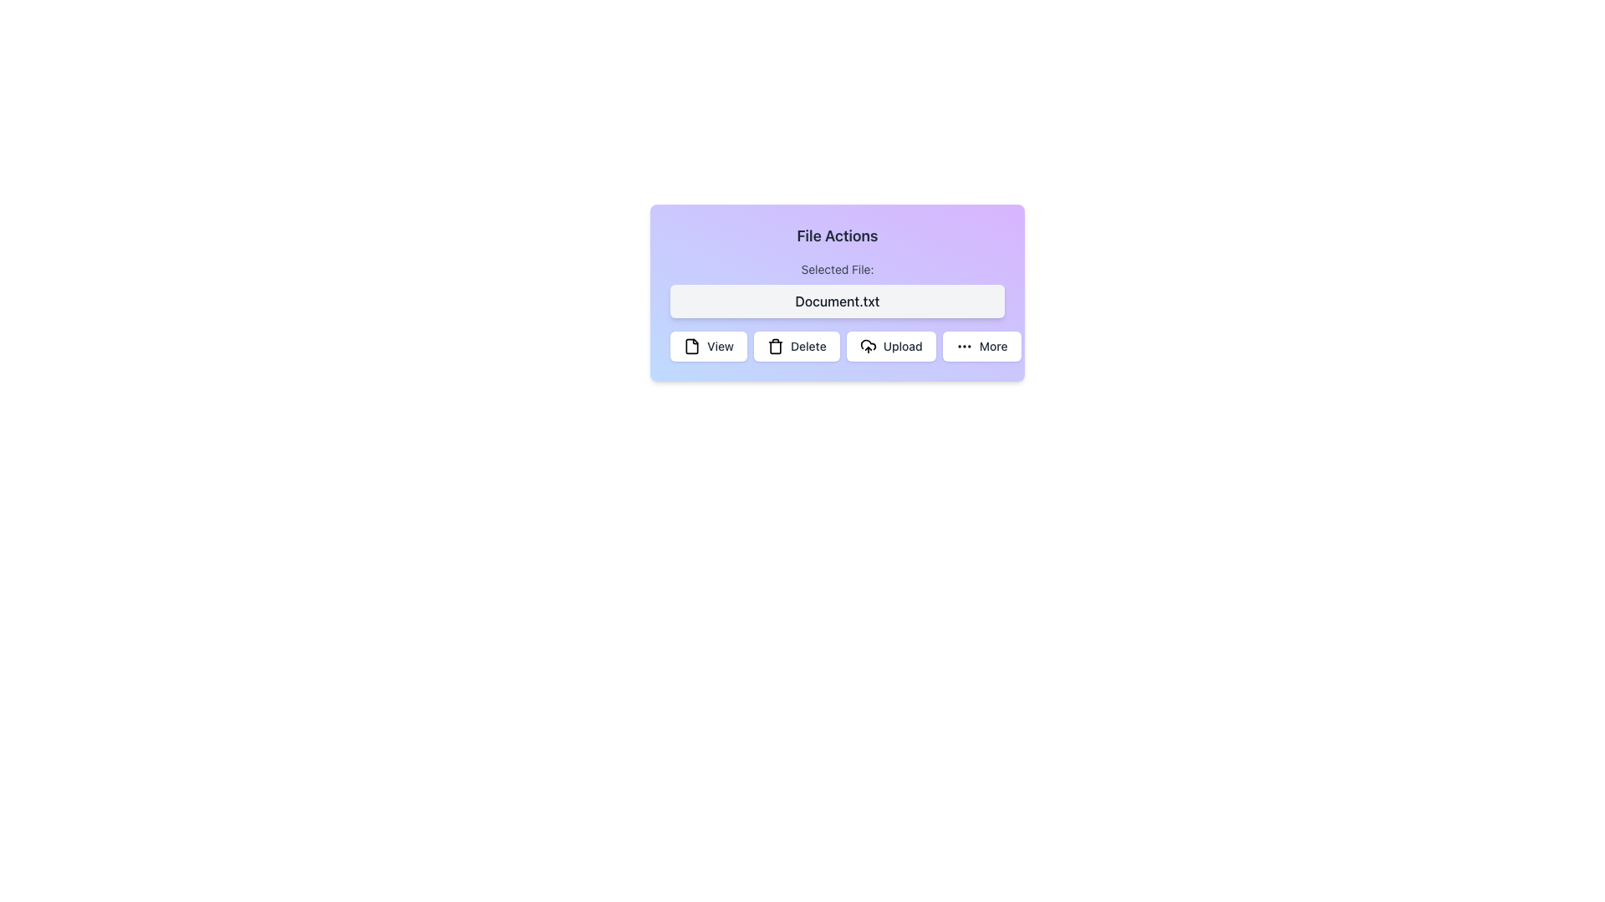  What do you see at coordinates (720, 346) in the screenshot?
I see `text content of the 'View' label, which is positioned towards the right end of a button with a white background and rounded corners` at bounding box center [720, 346].